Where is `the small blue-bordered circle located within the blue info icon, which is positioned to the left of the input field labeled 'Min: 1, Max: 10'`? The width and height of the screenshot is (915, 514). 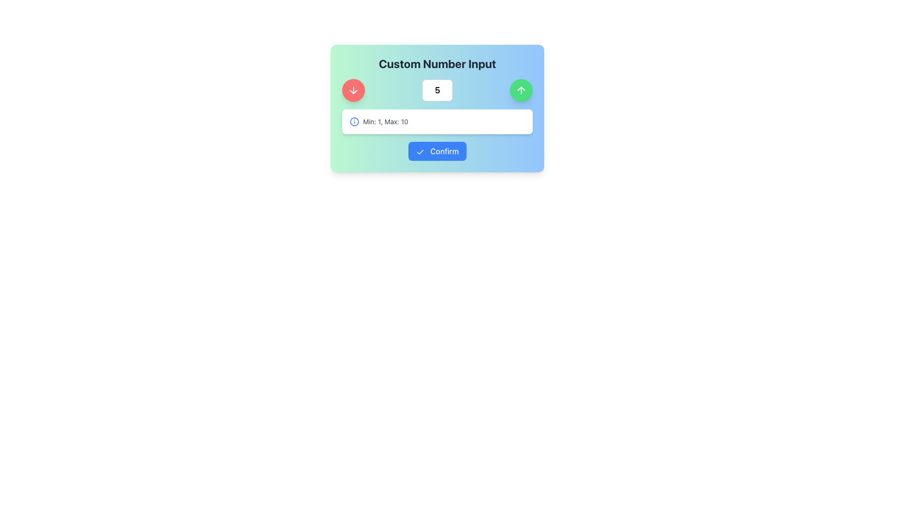
the small blue-bordered circle located within the blue info icon, which is positioned to the left of the input field labeled 'Min: 1, Max: 10' is located at coordinates (354, 121).